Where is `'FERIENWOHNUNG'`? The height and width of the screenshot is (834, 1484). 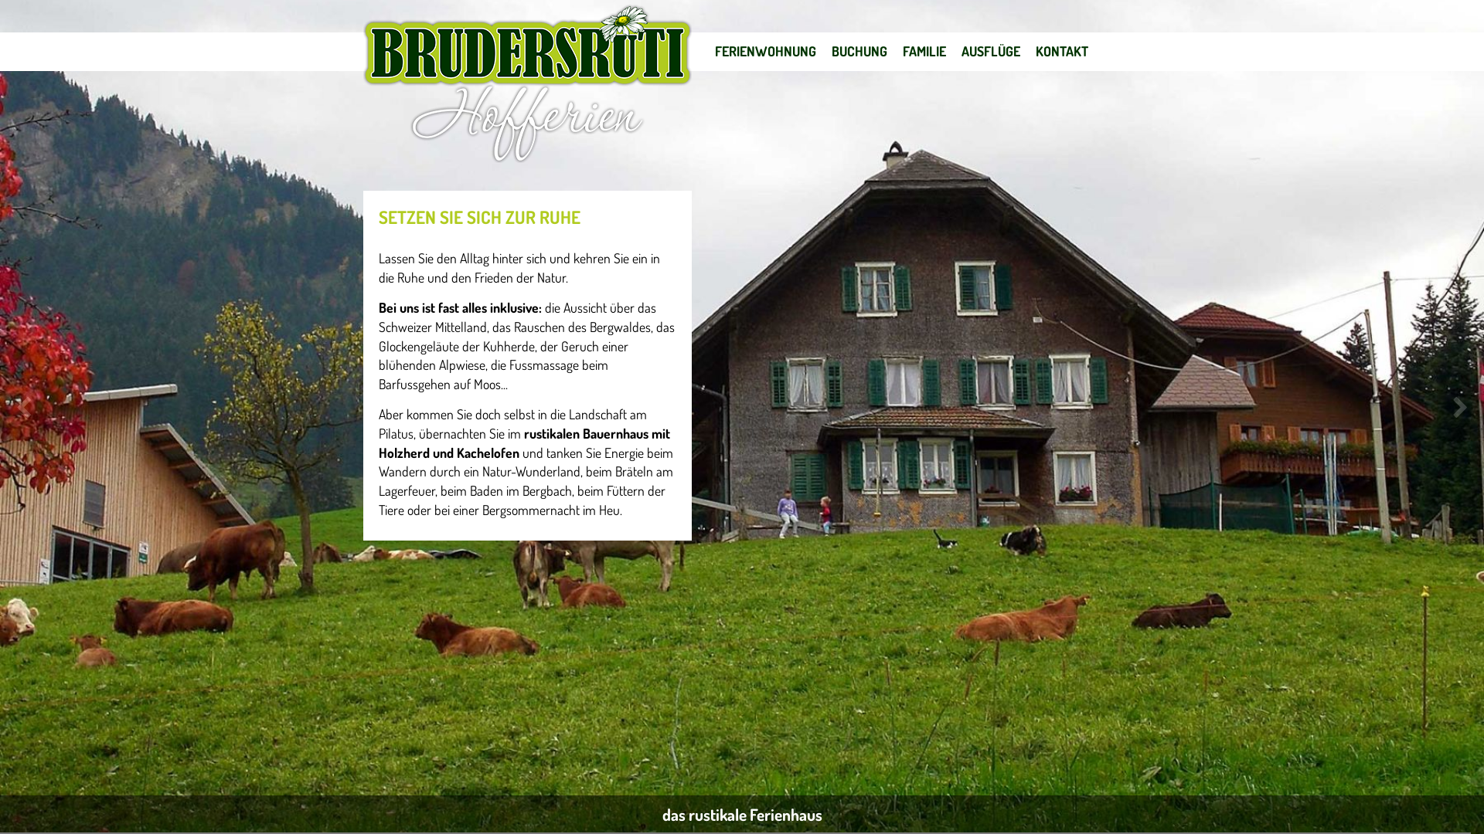 'FERIENWOHNUNG' is located at coordinates (765, 49).